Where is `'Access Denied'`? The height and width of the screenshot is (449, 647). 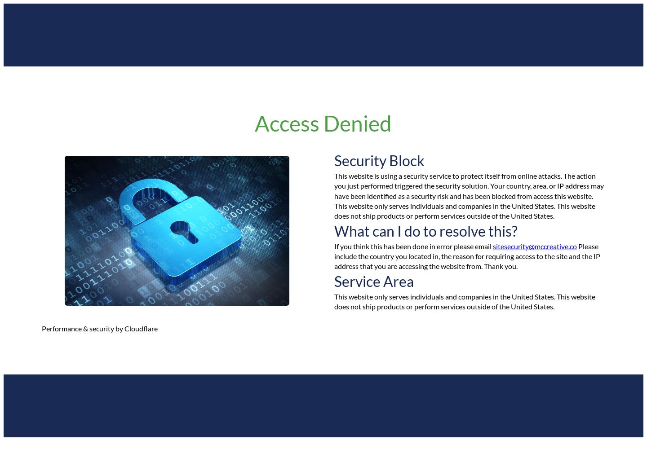 'Access Denied' is located at coordinates (323, 123).